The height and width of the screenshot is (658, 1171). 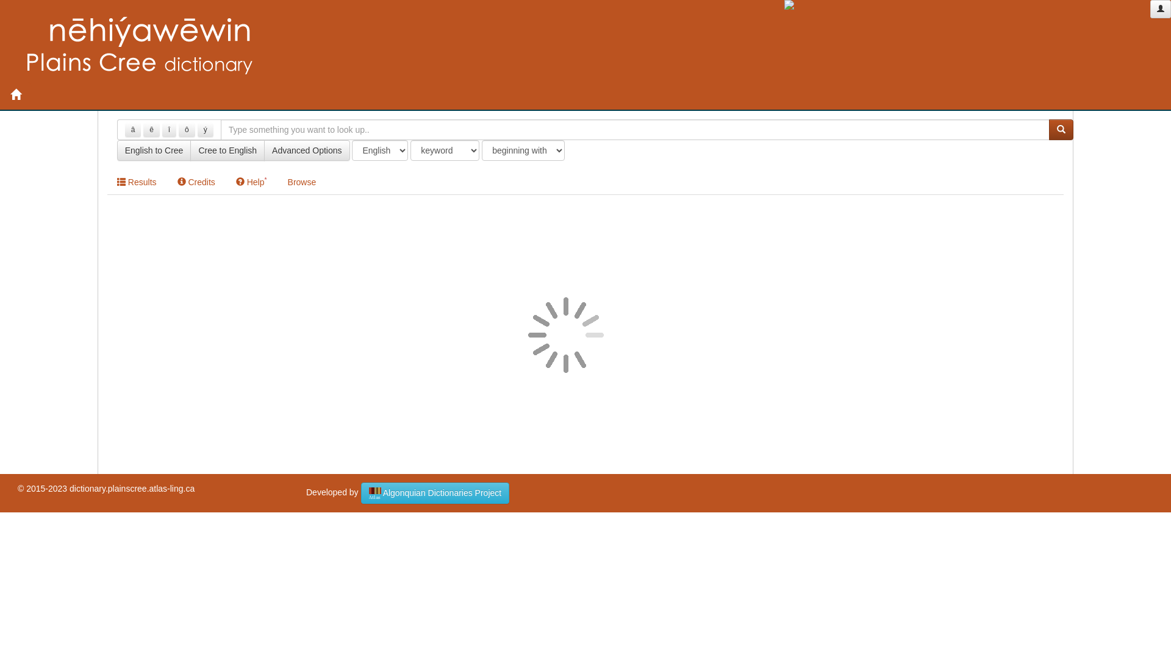 What do you see at coordinates (167, 182) in the screenshot?
I see `'Credits'` at bounding box center [167, 182].